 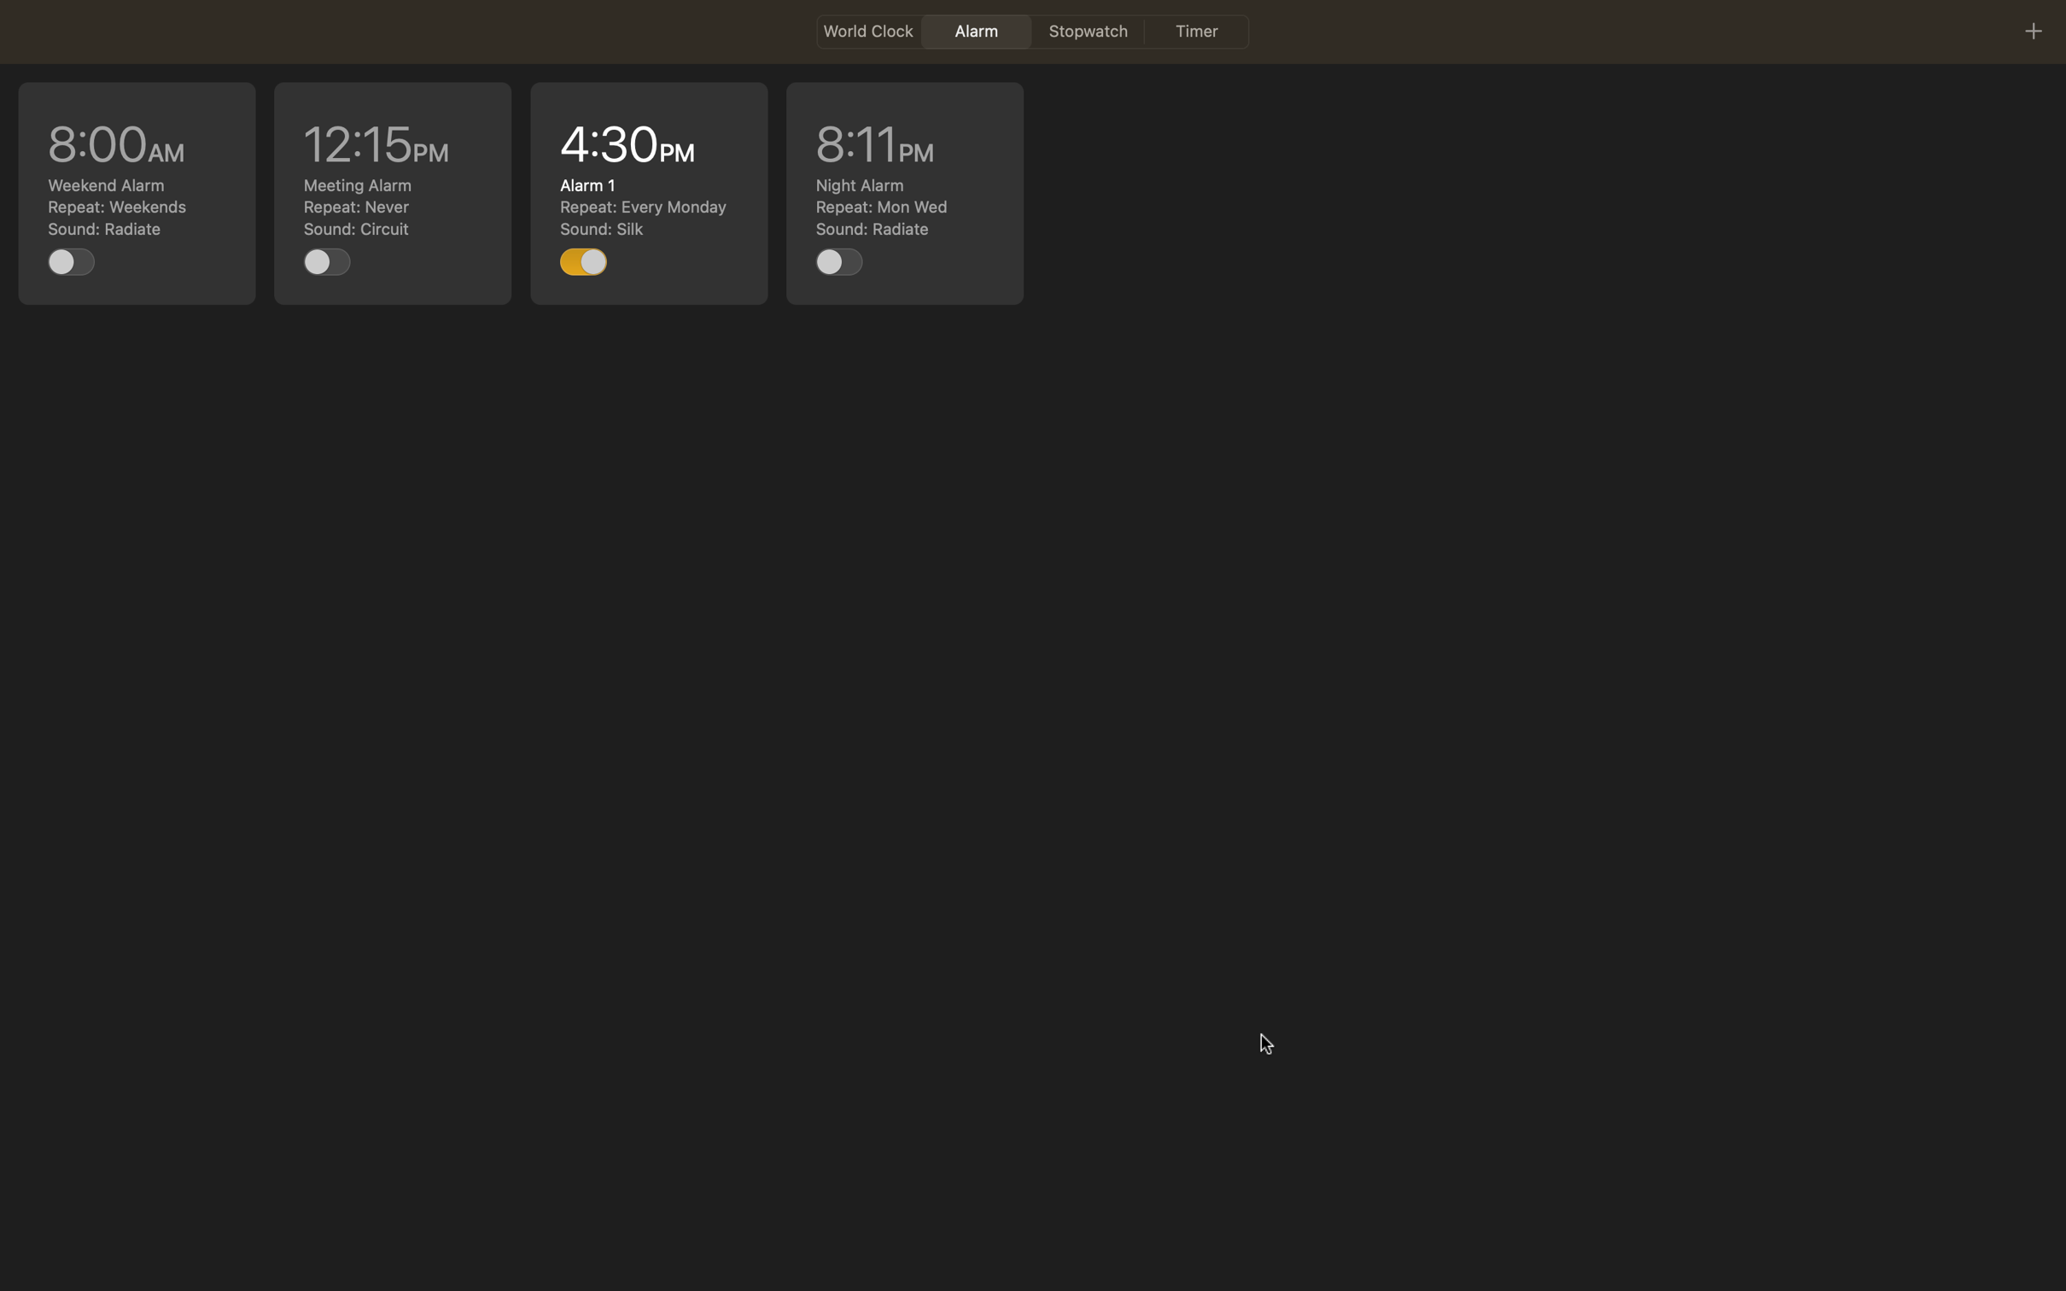 I want to click on edit the 8pm alarm, so click(x=904, y=194).